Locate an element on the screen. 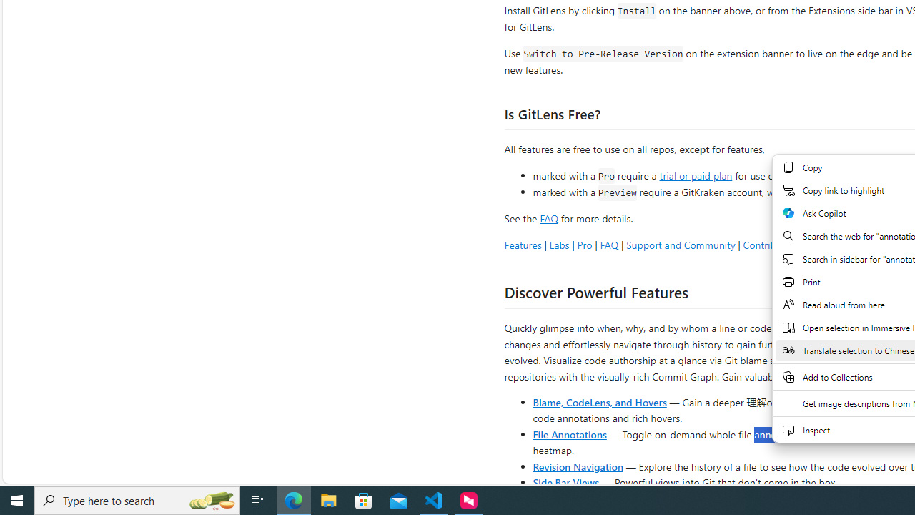 The width and height of the screenshot is (915, 515). 'Side Bar Views' is located at coordinates (565, 481).